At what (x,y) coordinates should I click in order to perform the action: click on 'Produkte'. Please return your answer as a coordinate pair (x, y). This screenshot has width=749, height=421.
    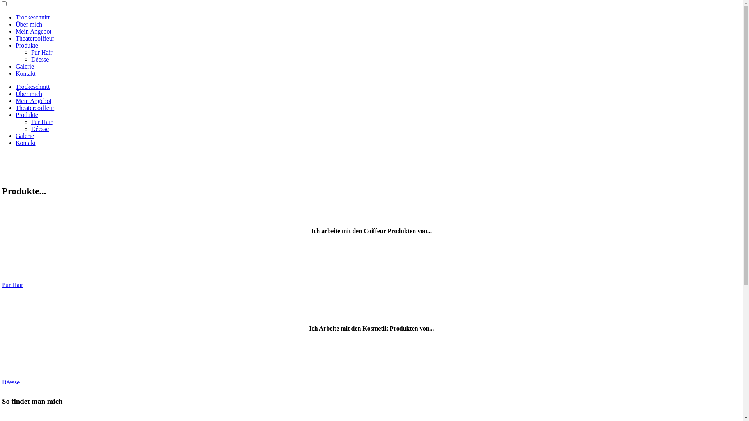
    Looking at the image, I should click on (27, 115).